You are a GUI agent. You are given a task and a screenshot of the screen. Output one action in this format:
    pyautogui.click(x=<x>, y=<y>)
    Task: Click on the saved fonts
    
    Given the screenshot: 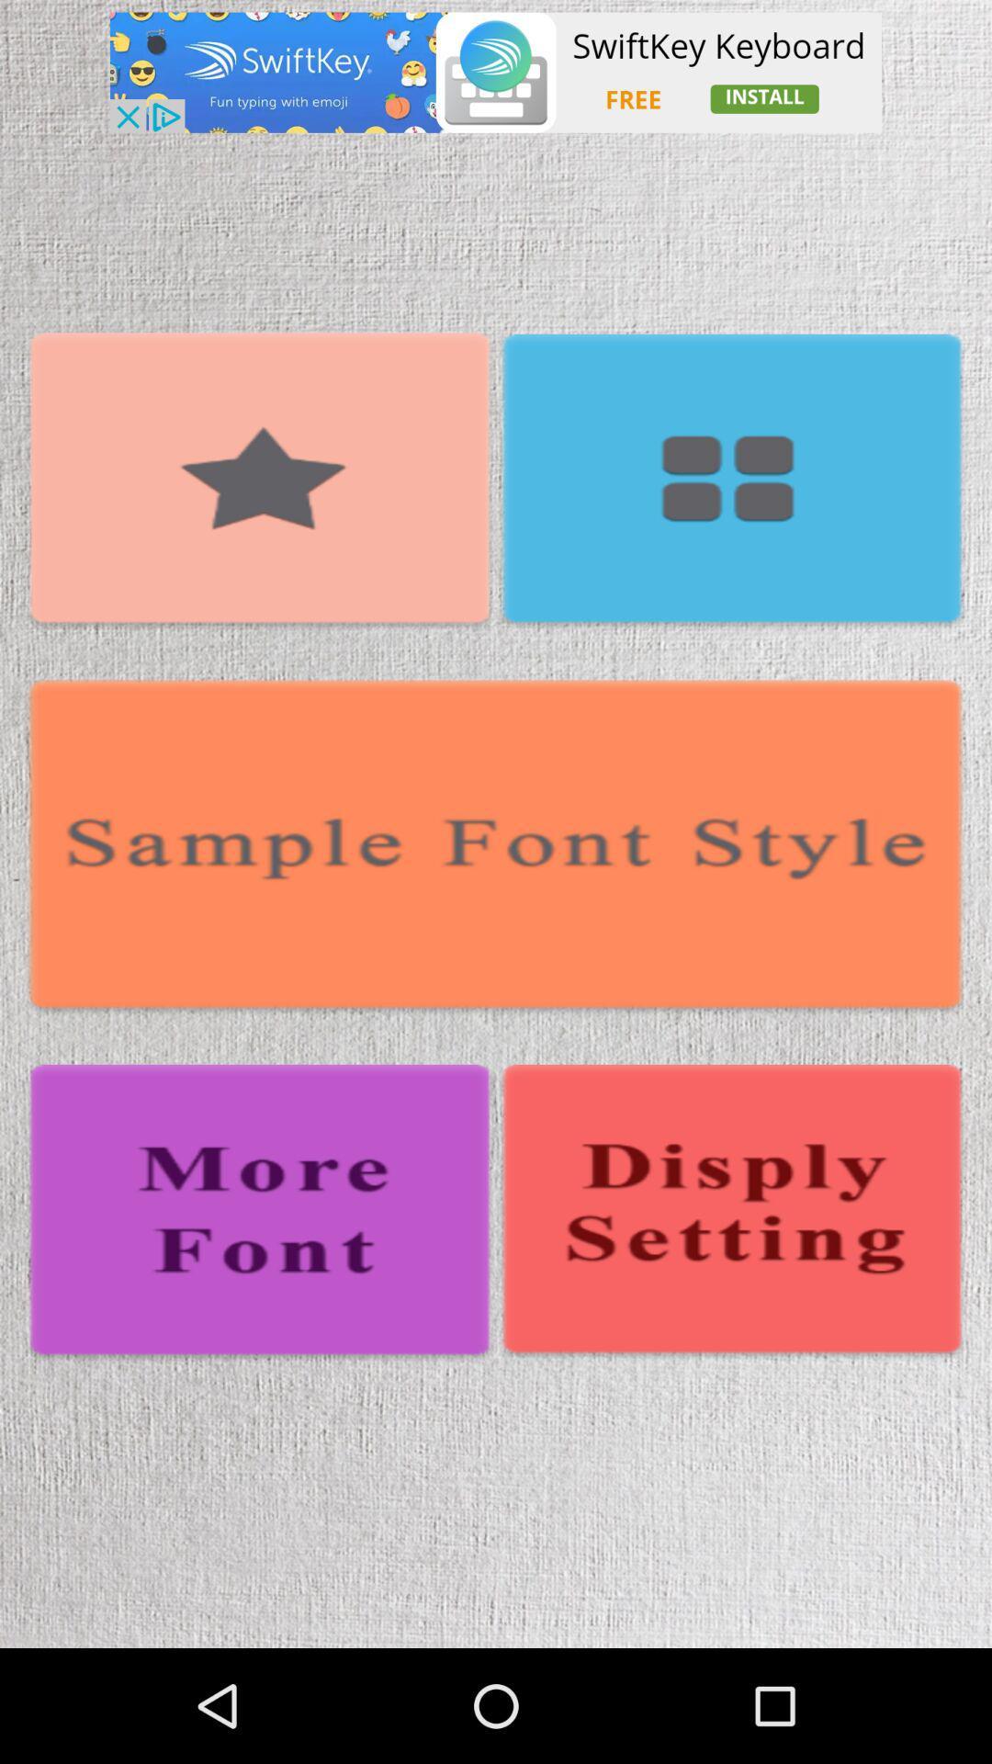 What is the action you would take?
    pyautogui.click(x=730, y=482)
    